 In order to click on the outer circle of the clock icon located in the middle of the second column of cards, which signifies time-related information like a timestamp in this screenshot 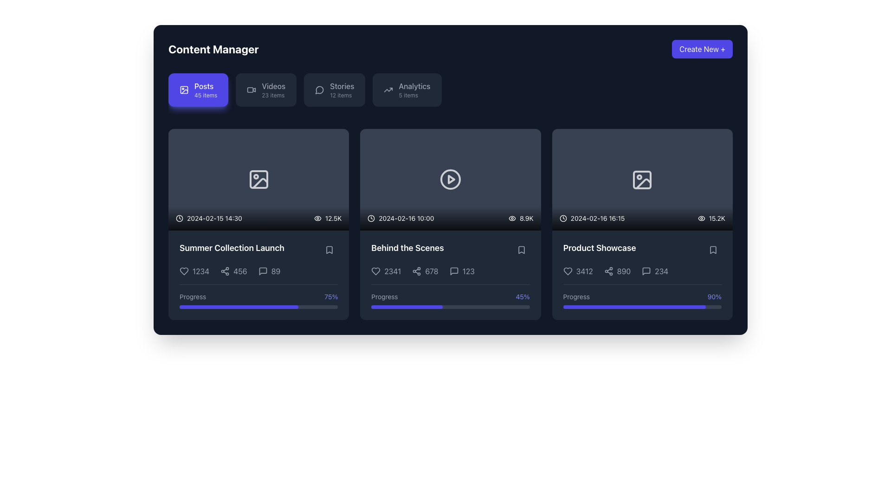, I will do `click(371, 218)`.